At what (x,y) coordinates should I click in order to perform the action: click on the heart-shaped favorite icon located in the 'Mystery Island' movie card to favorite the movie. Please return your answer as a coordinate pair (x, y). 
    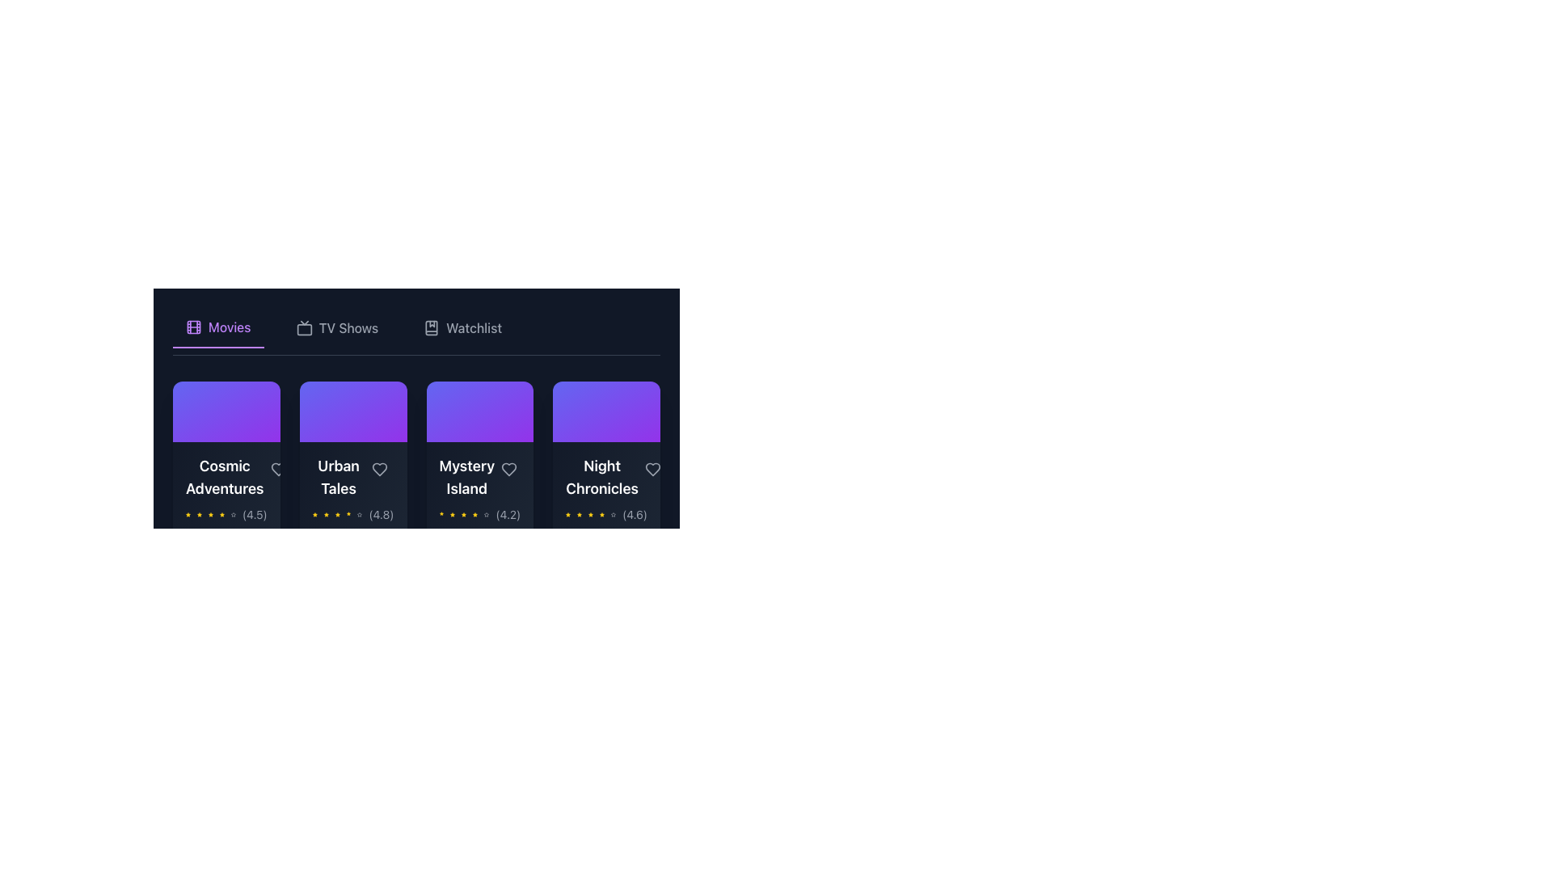
    Looking at the image, I should click on (508, 469).